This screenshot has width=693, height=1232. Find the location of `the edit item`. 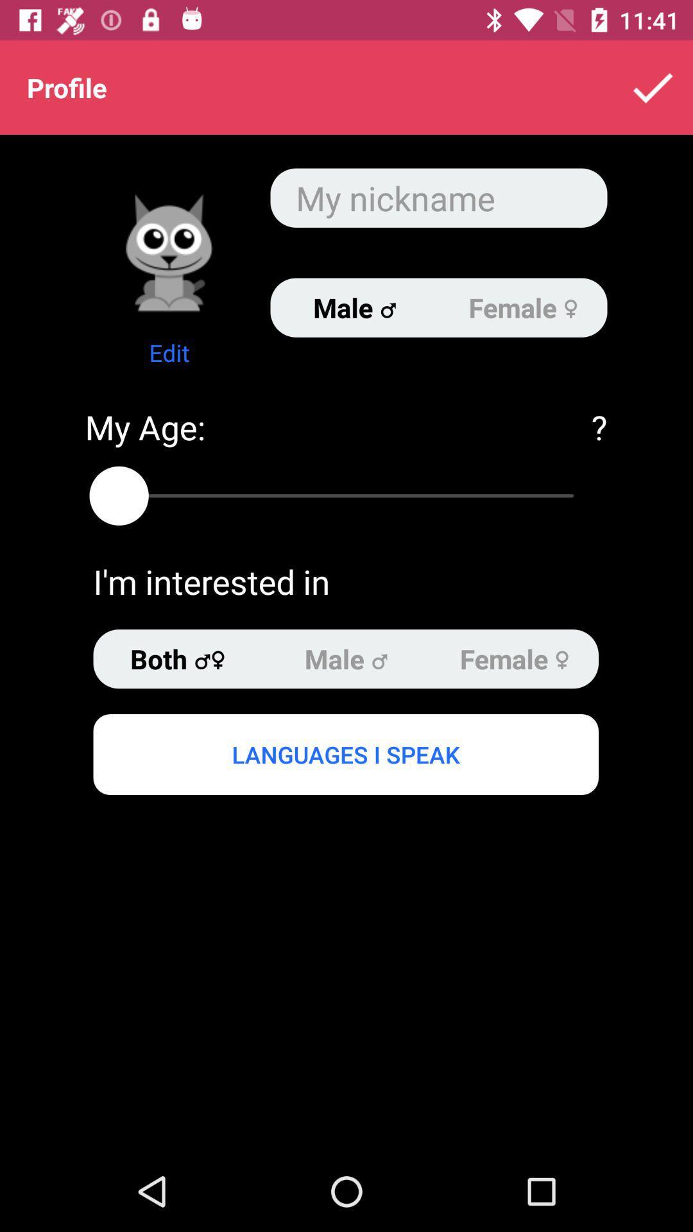

the edit item is located at coordinates (168, 352).